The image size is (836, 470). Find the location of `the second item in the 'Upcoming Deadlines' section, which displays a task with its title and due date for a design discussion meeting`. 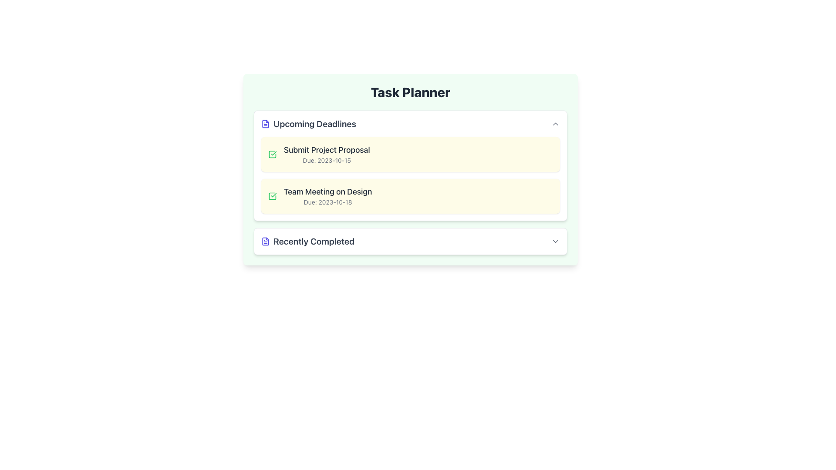

the second item in the 'Upcoming Deadlines' section, which displays a task with its title and due date for a design discussion meeting is located at coordinates (410, 196).